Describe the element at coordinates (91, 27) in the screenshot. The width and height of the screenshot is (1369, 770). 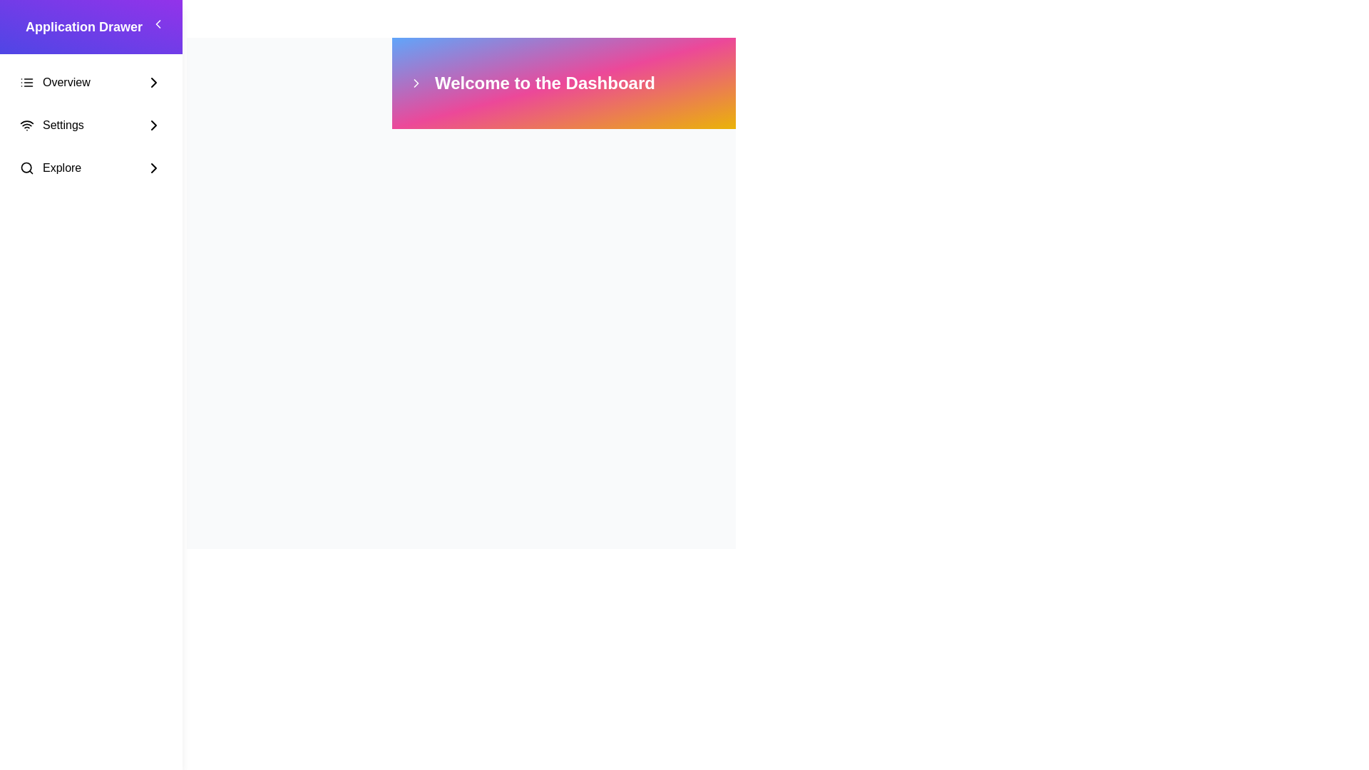
I see `the prominent text label that serves as a header for the sidebar menu, indicating its purpose or the current section's name` at that location.